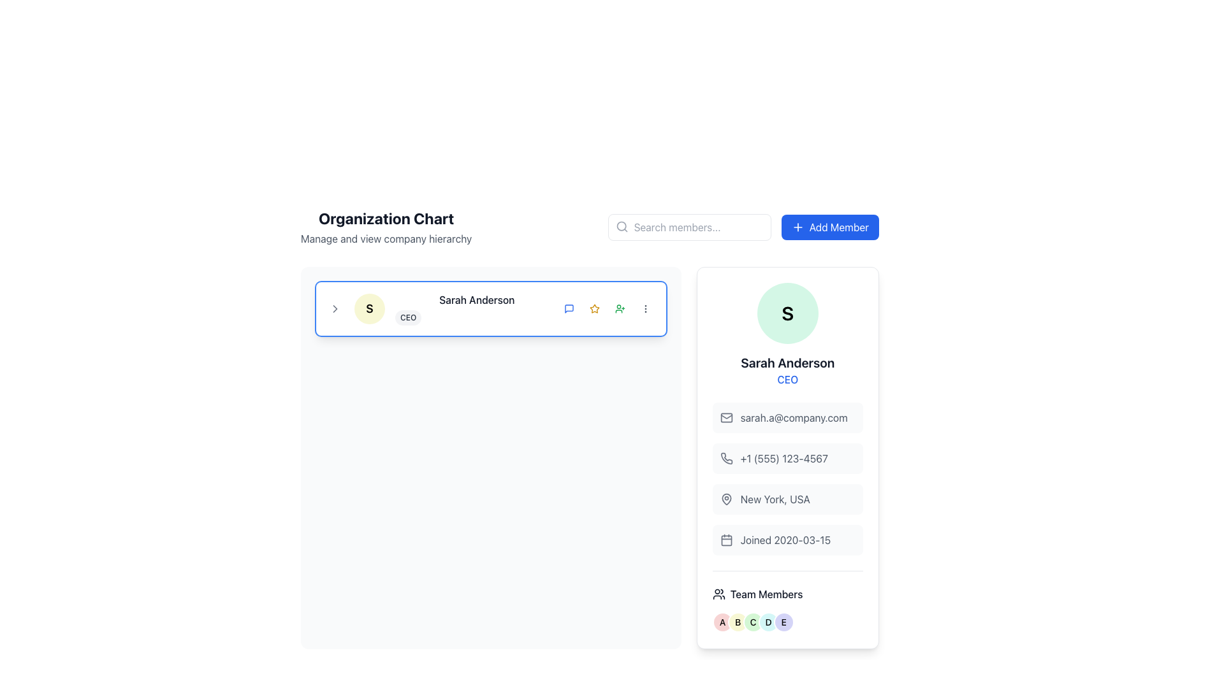 This screenshot has width=1224, height=688. What do you see at coordinates (621, 226) in the screenshot?
I see `the circular SVG element styled with text-gray-400 color, which is part of the magnifying glass icon in the search bar located in the top-right section of the interface` at bounding box center [621, 226].